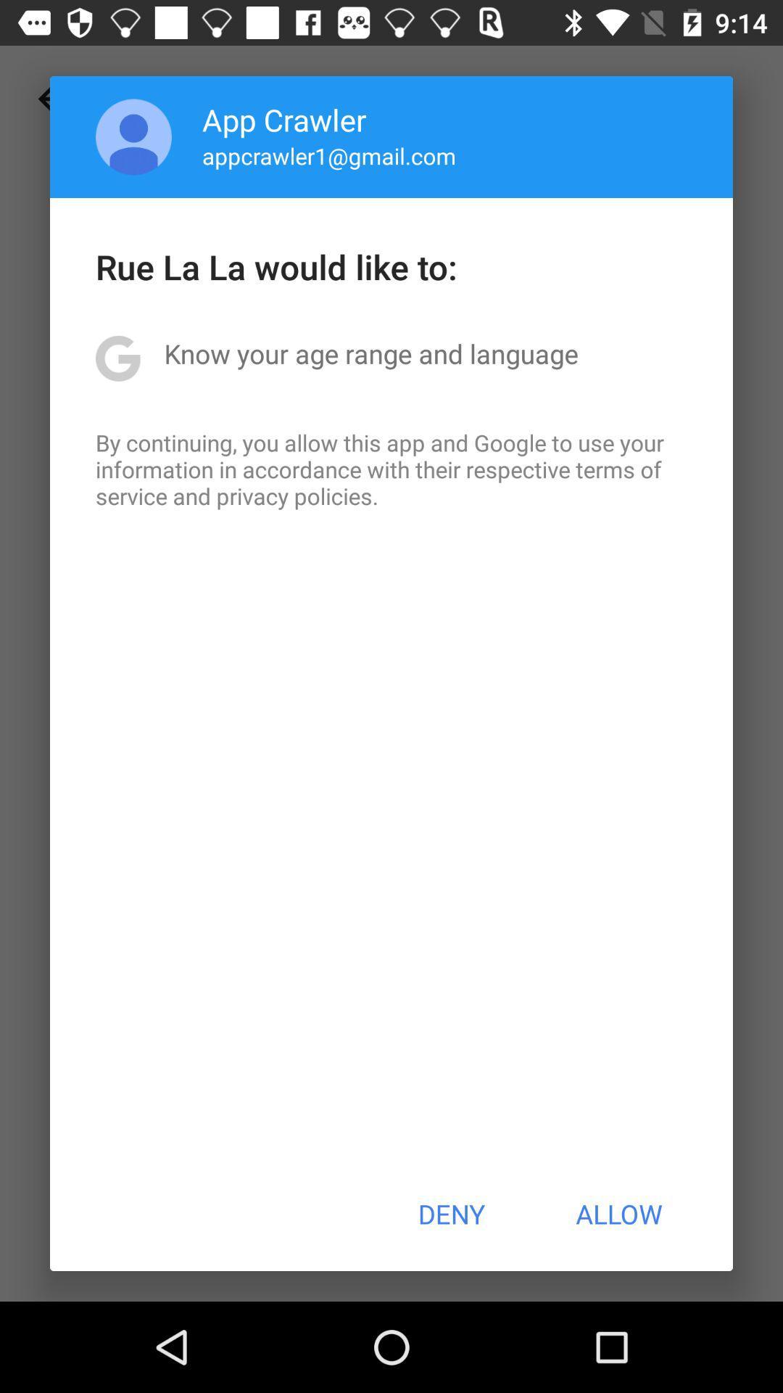 The image size is (783, 1393). Describe the element at coordinates (329, 155) in the screenshot. I see `appcrawler1@gmail.com app` at that location.